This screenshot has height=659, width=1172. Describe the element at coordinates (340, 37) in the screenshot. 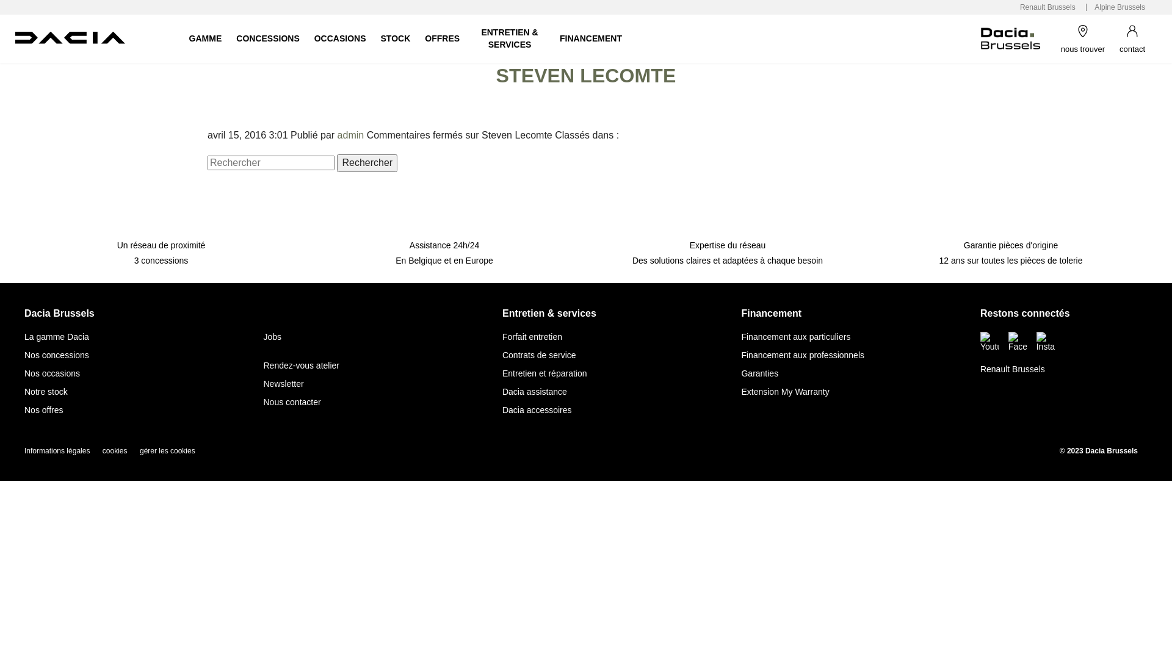

I see `'OCCASIONS'` at that location.